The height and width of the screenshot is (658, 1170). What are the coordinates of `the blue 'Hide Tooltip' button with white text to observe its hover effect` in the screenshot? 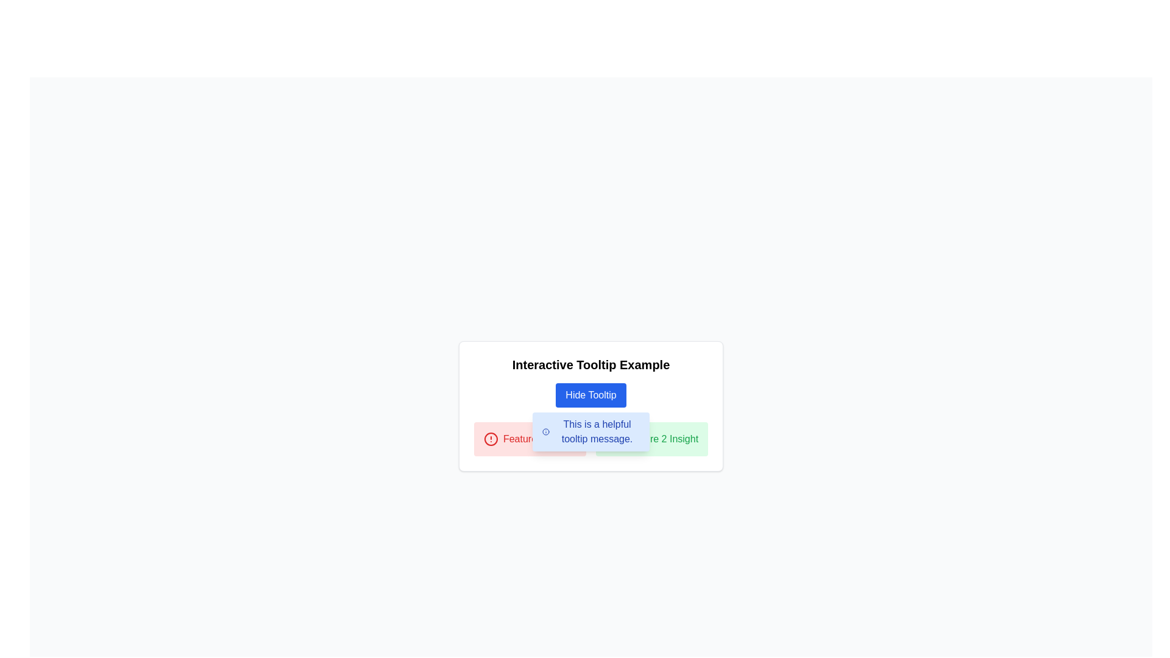 It's located at (590, 395).